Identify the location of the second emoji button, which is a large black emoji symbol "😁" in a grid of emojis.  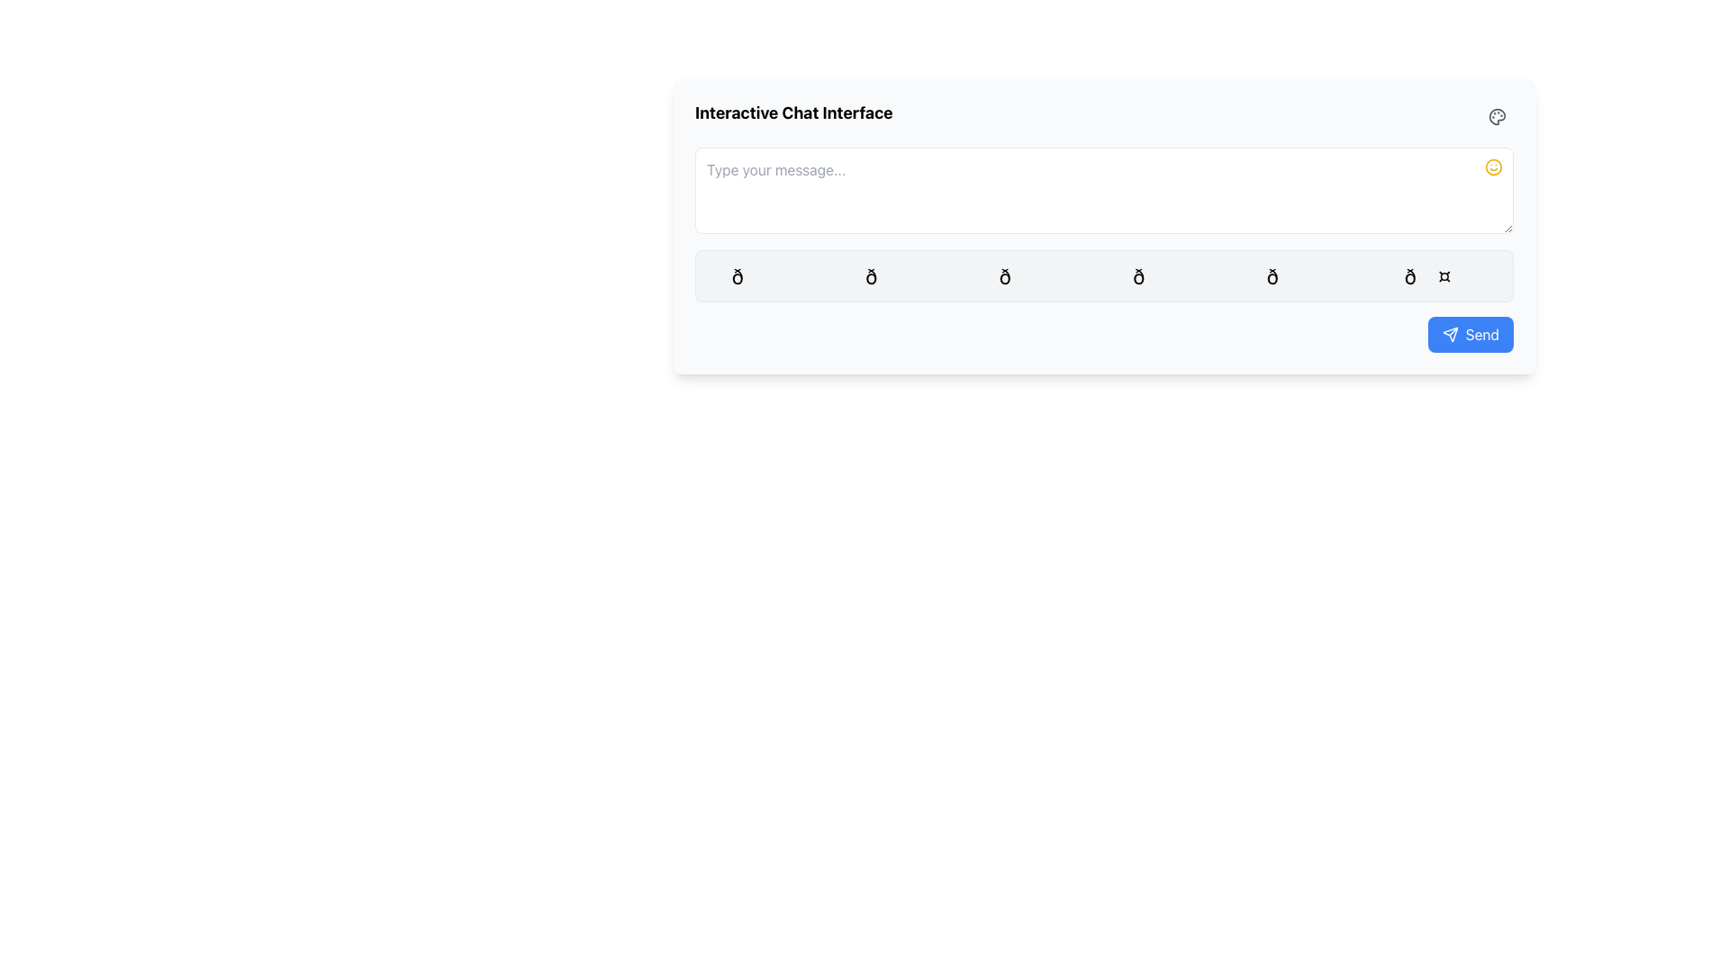
(903, 276).